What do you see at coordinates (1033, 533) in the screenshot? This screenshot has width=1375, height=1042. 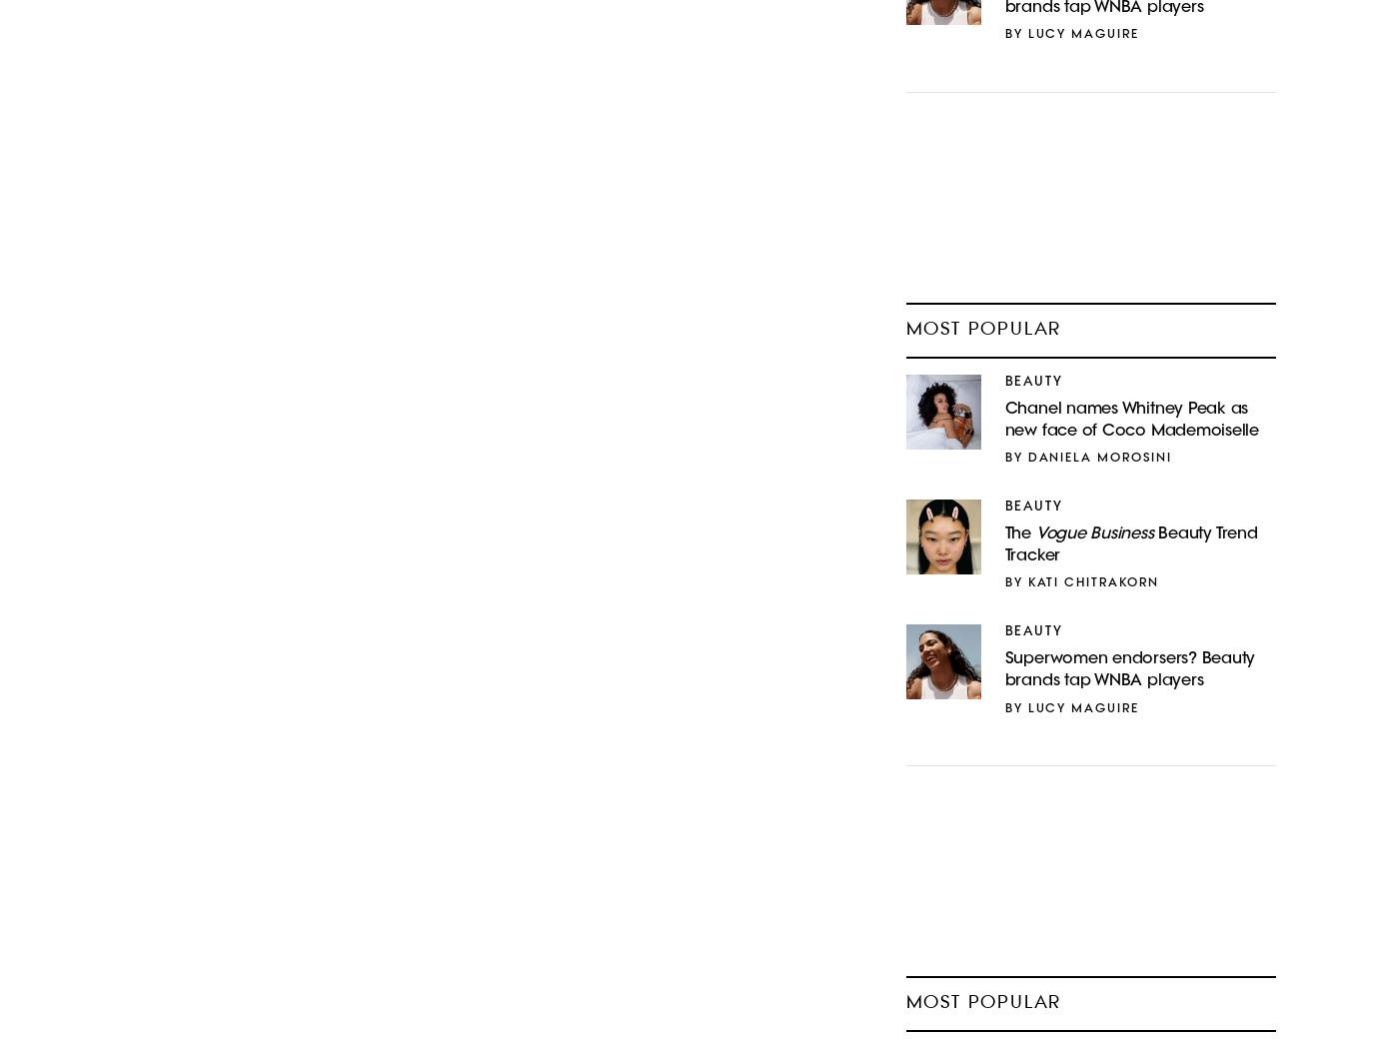 I see `'Vogue Business'` at bounding box center [1033, 533].